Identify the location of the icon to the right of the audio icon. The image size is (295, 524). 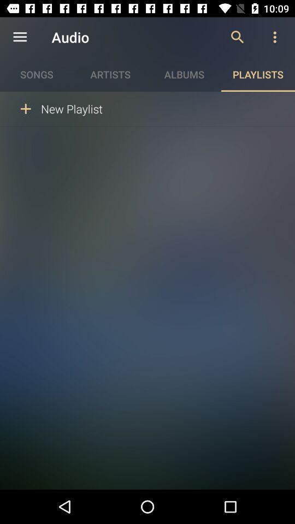
(237, 37).